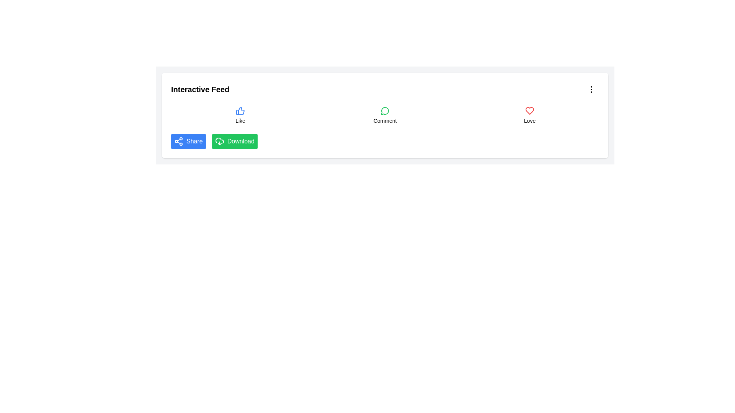 The height and width of the screenshot is (413, 735). Describe the element at coordinates (529, 111) in the screenshot. I see `the heart icon, located at the bottom-right area of the interactive feed section` at that location.